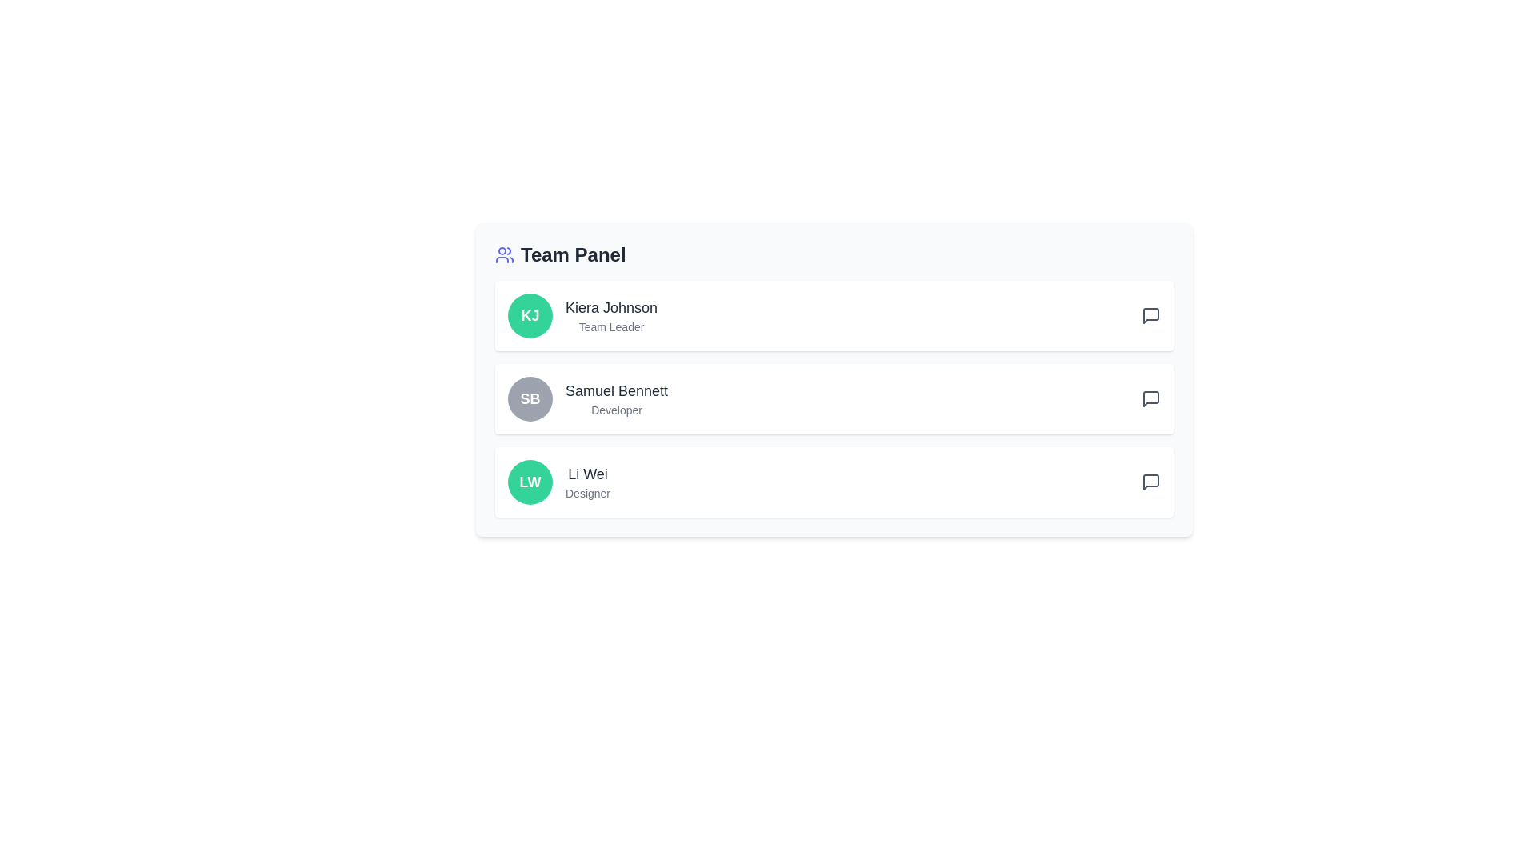 Image resolution: width=1536 pixels, height=864 pixels. Describe the element at coordinates (610, 308) in the screenshot. I see `the text label displaying 'Kiera Johnson', which is located in the 'Team Panel' above the subtitle 'Team Leader' and to the right of the avatar 'KJ'` at that location.